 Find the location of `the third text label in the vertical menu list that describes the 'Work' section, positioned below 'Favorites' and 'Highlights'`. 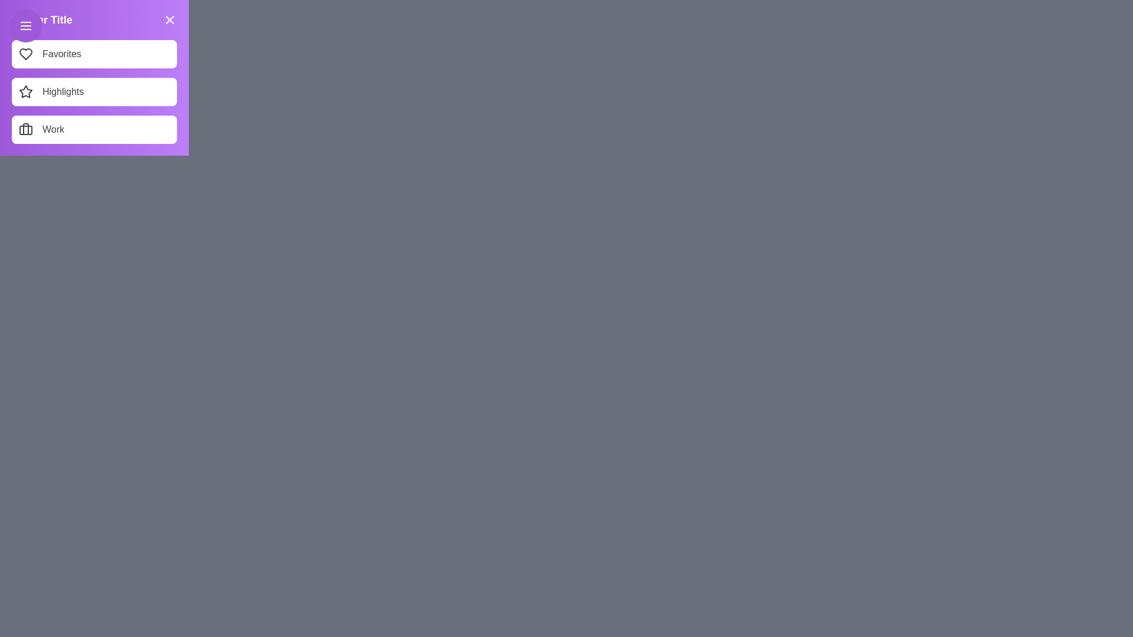

the third text label in the vertical menu list that describes the 'Work' section, positioned below 'Favorites' and 'Highlights' is located at coordinates (53, 129).